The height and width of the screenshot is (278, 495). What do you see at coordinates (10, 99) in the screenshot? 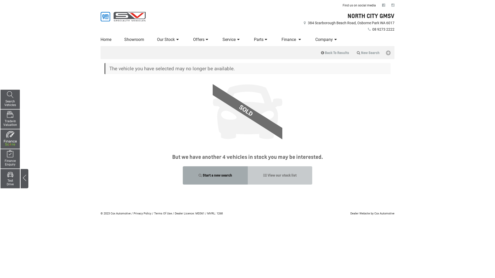
I see `'Search` at bounding box center [10, 99].